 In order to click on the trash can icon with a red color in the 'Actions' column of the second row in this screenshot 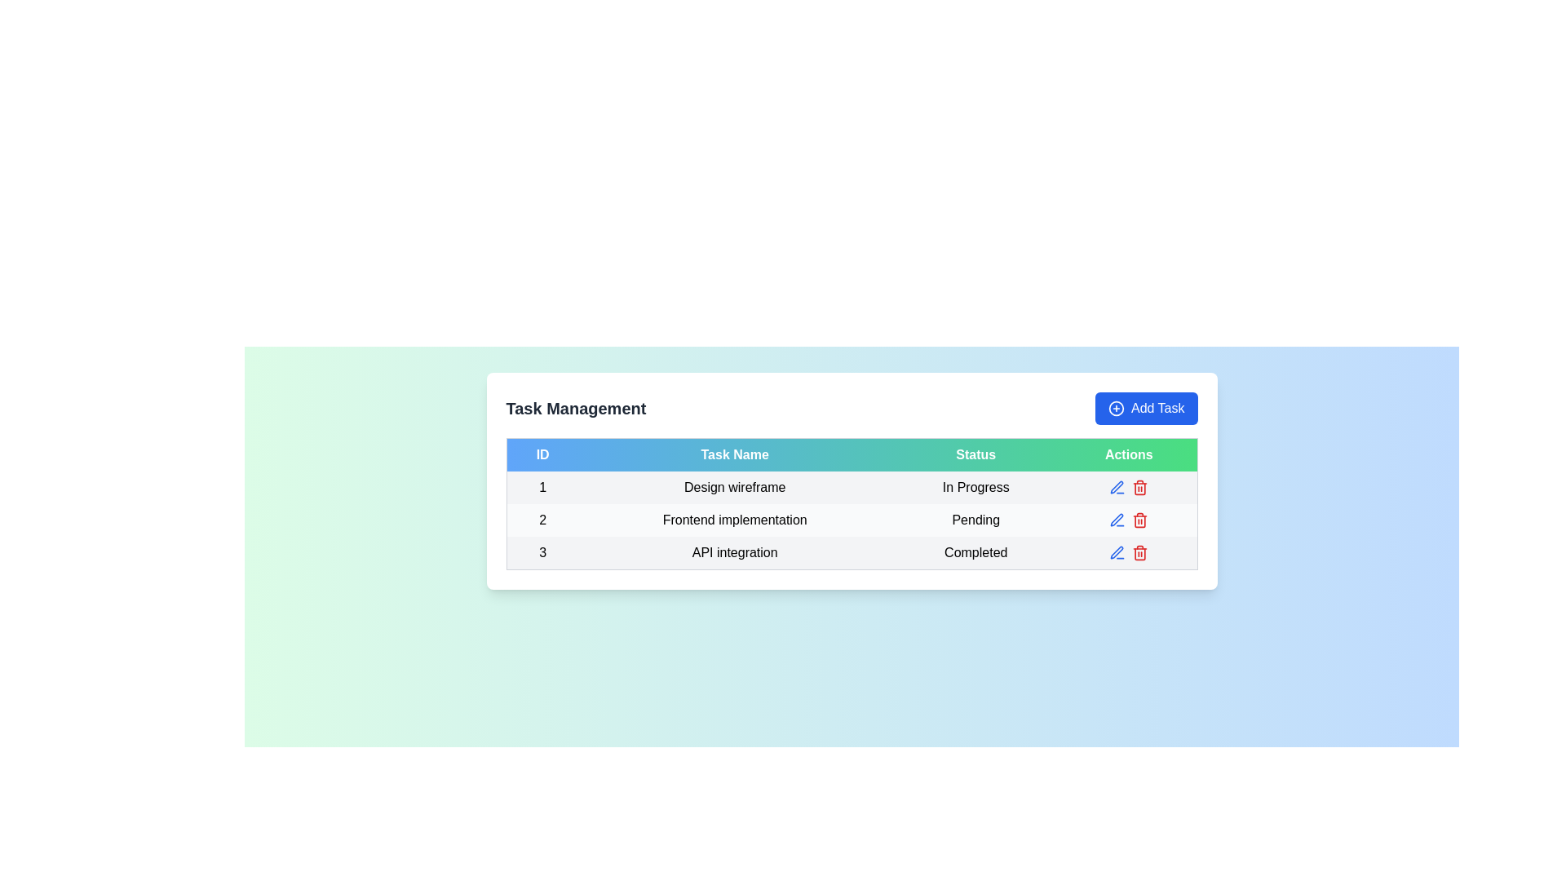, I will do `click(1139, 520)`.